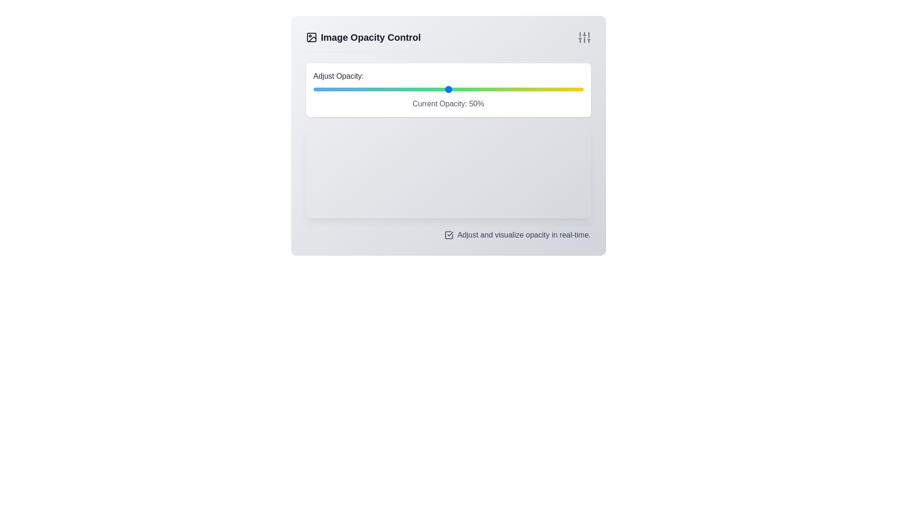  What do you see at coordinates (311, 37) in the screenshot?
I see `the image-related functionality icon located to the left of the 'Image Opacity Control' text in the header section` at bounding box center [311, 37].